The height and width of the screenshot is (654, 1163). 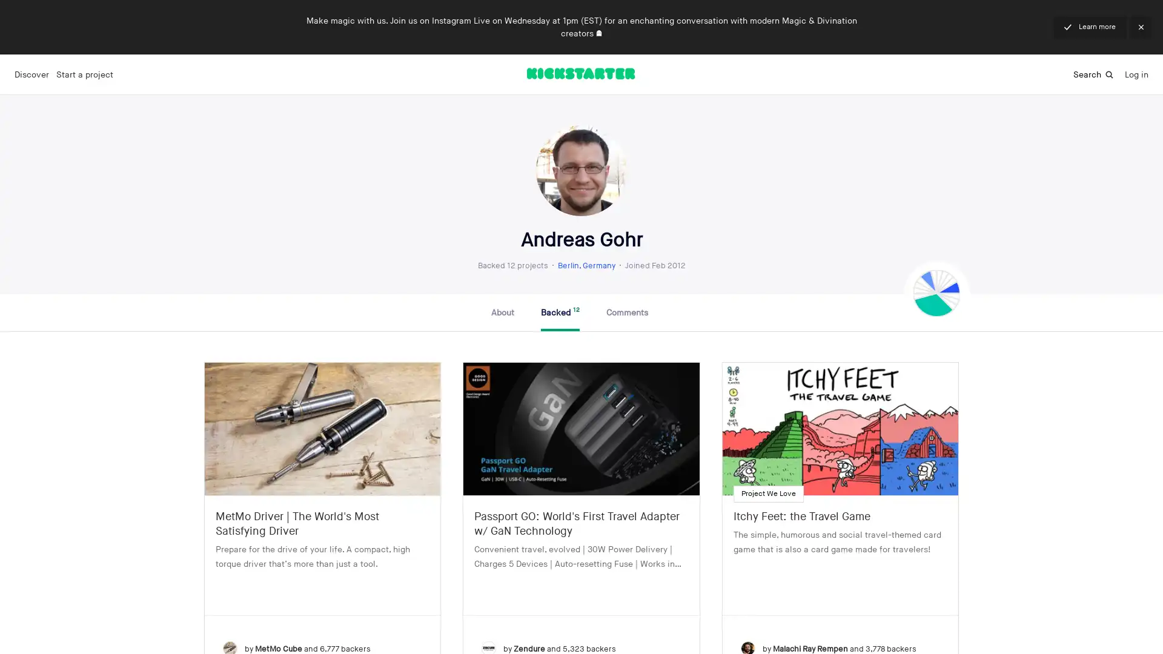 What do you see at coordinates (31, 74) in the screenshot?
I see `Discover` at bounding box center [31, 74].